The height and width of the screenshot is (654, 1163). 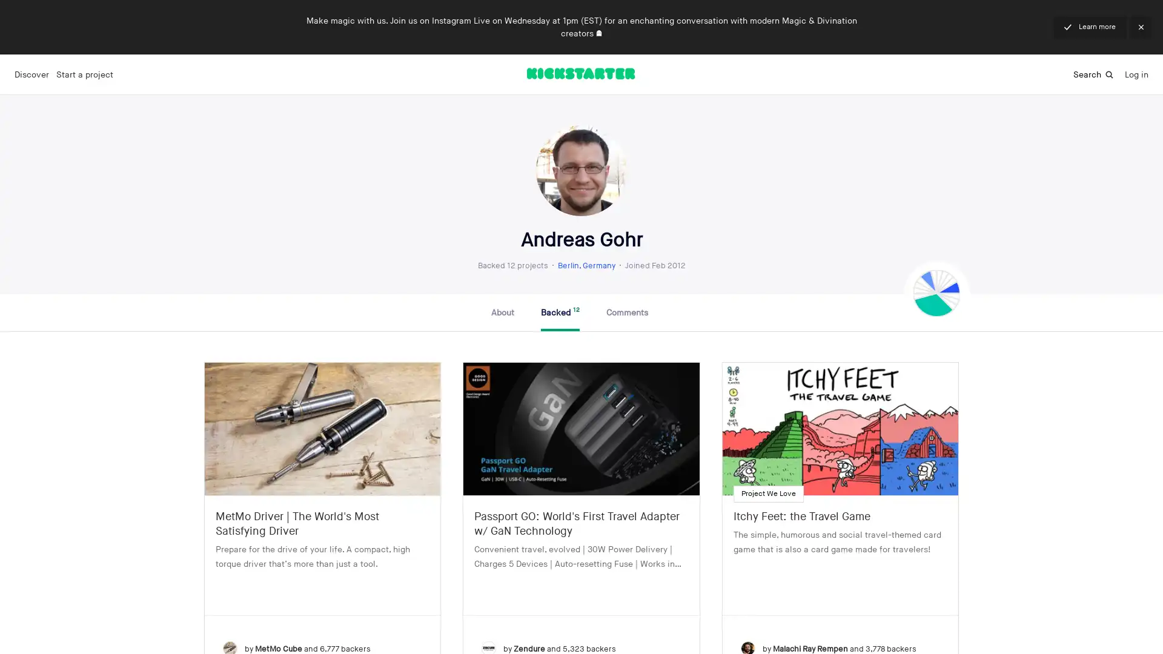 What do you see at coordinates (31, 74) in the screenshot?
I see `Discover` at bounding box center [31, 74].